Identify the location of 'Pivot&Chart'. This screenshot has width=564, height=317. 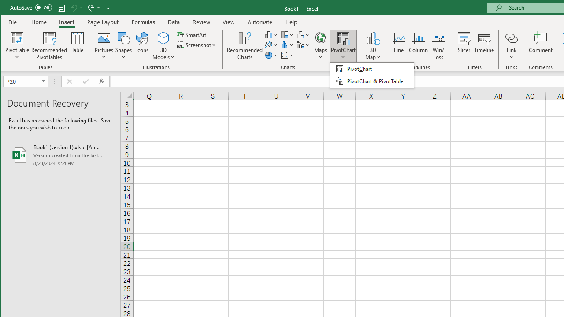
(372, 75).